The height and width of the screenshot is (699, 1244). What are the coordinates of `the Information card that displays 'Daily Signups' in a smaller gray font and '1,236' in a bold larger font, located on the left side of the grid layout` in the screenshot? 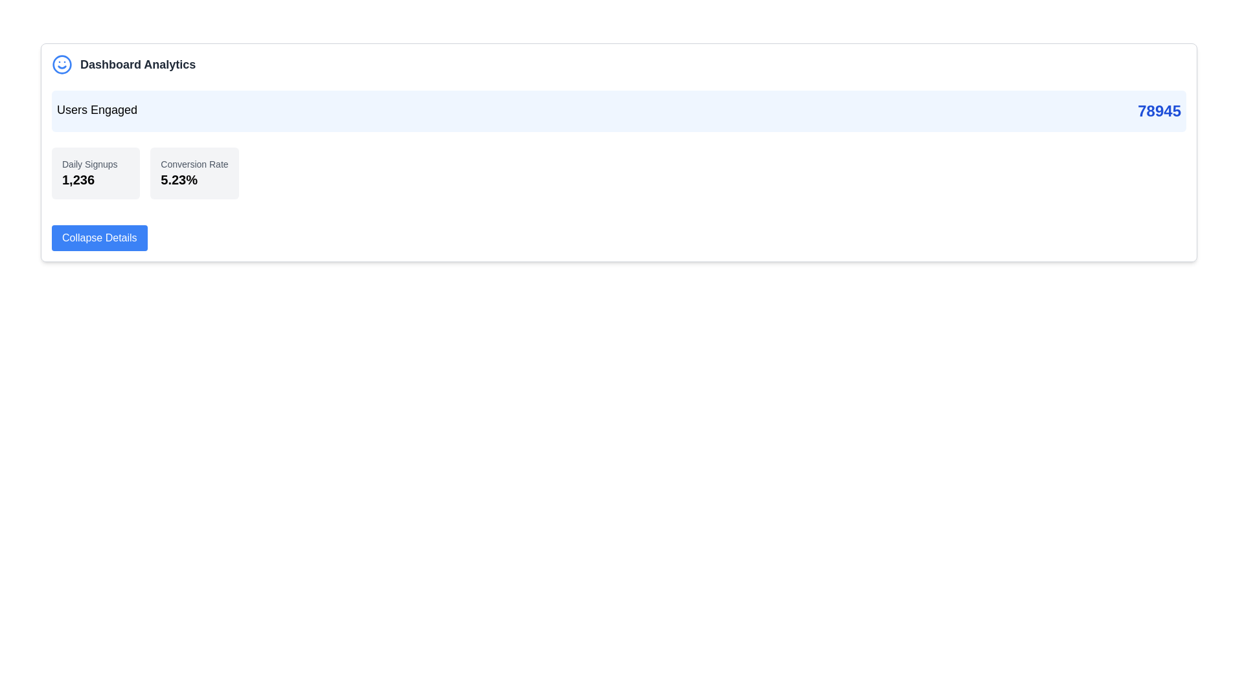 It's located at (95, 172).